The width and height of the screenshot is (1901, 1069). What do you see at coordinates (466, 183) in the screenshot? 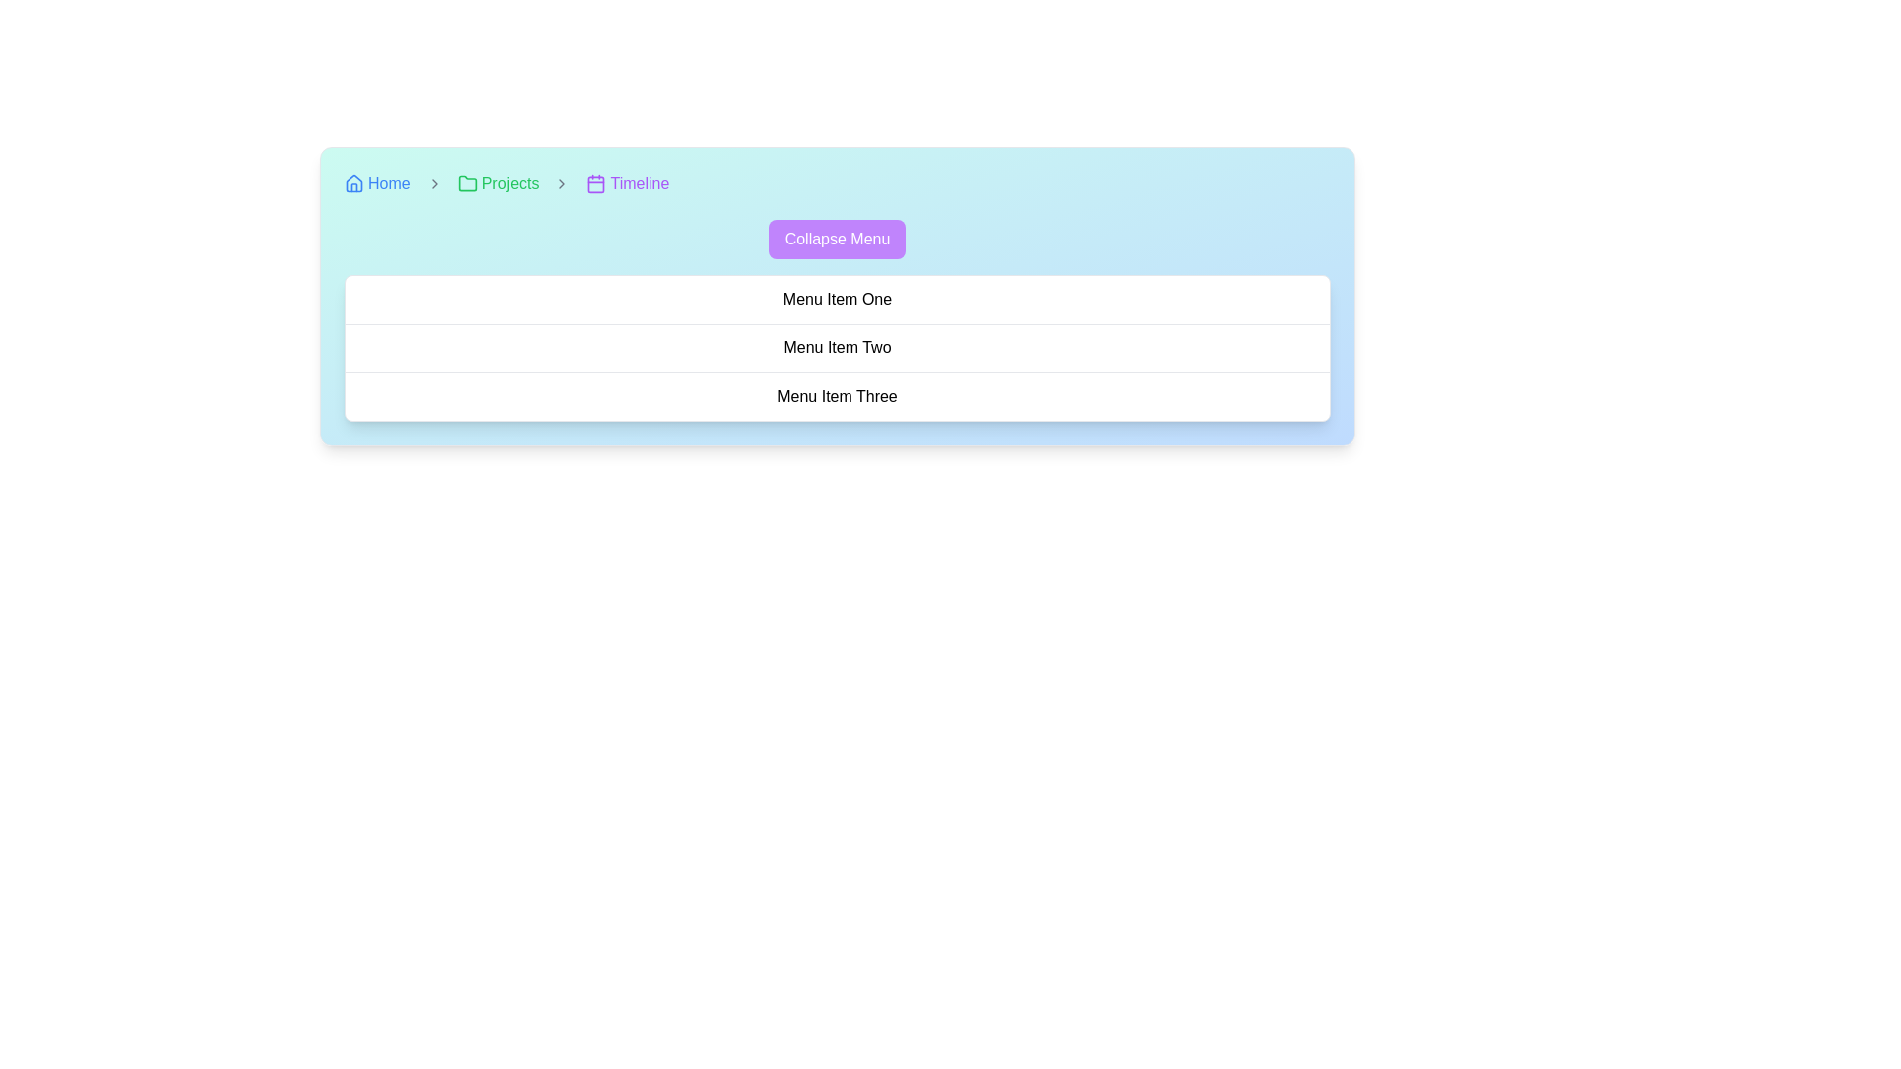
I see `the folder icon in the breadcrumb navigation that signifies the 'Projects' section, located between the 'Home' icon and the 'Projects' text` at bounding box center [466, 183].